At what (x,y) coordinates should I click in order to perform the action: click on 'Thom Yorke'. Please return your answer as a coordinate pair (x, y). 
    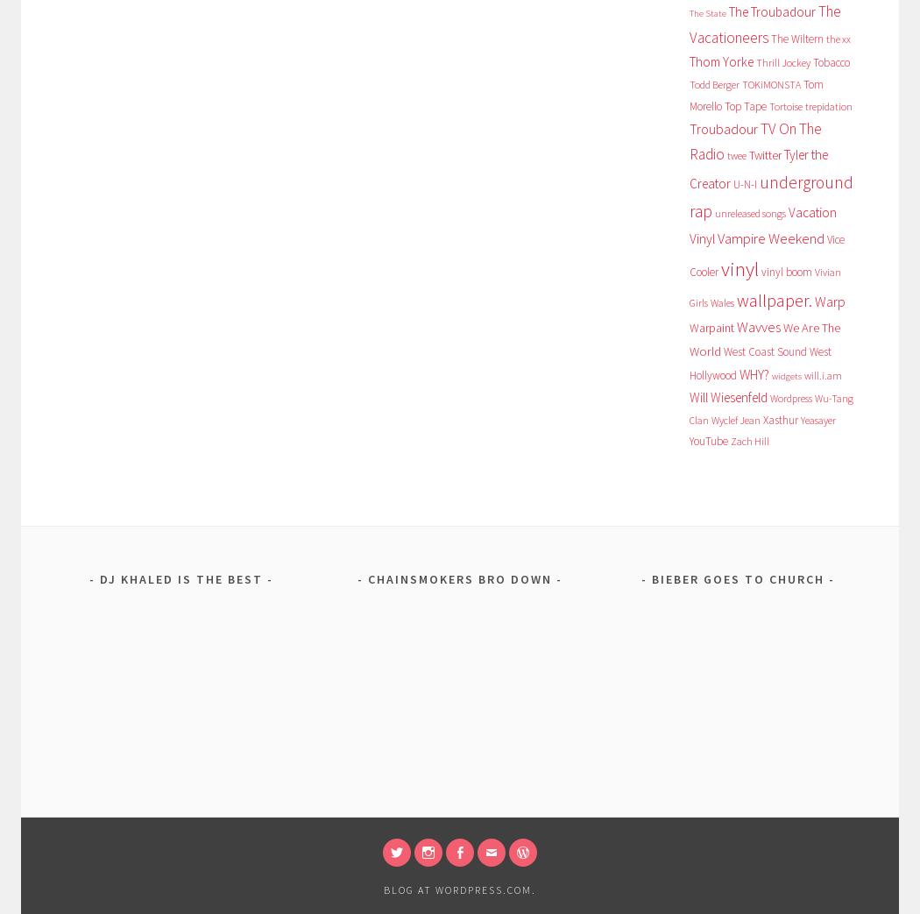
    Looking at the image, I should click on (719, 60).